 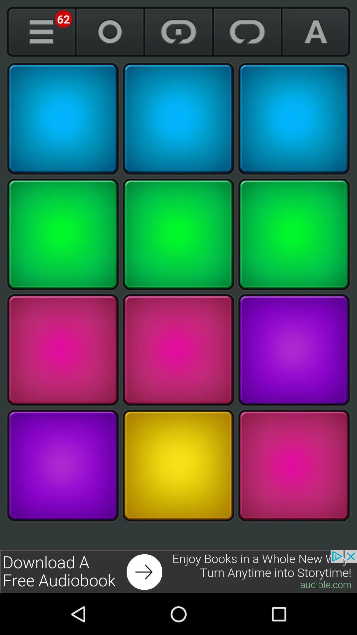 What do you see at coordinates (63, 350) in the screenshot?
I see `tap button` at bounding box center [63, 350].